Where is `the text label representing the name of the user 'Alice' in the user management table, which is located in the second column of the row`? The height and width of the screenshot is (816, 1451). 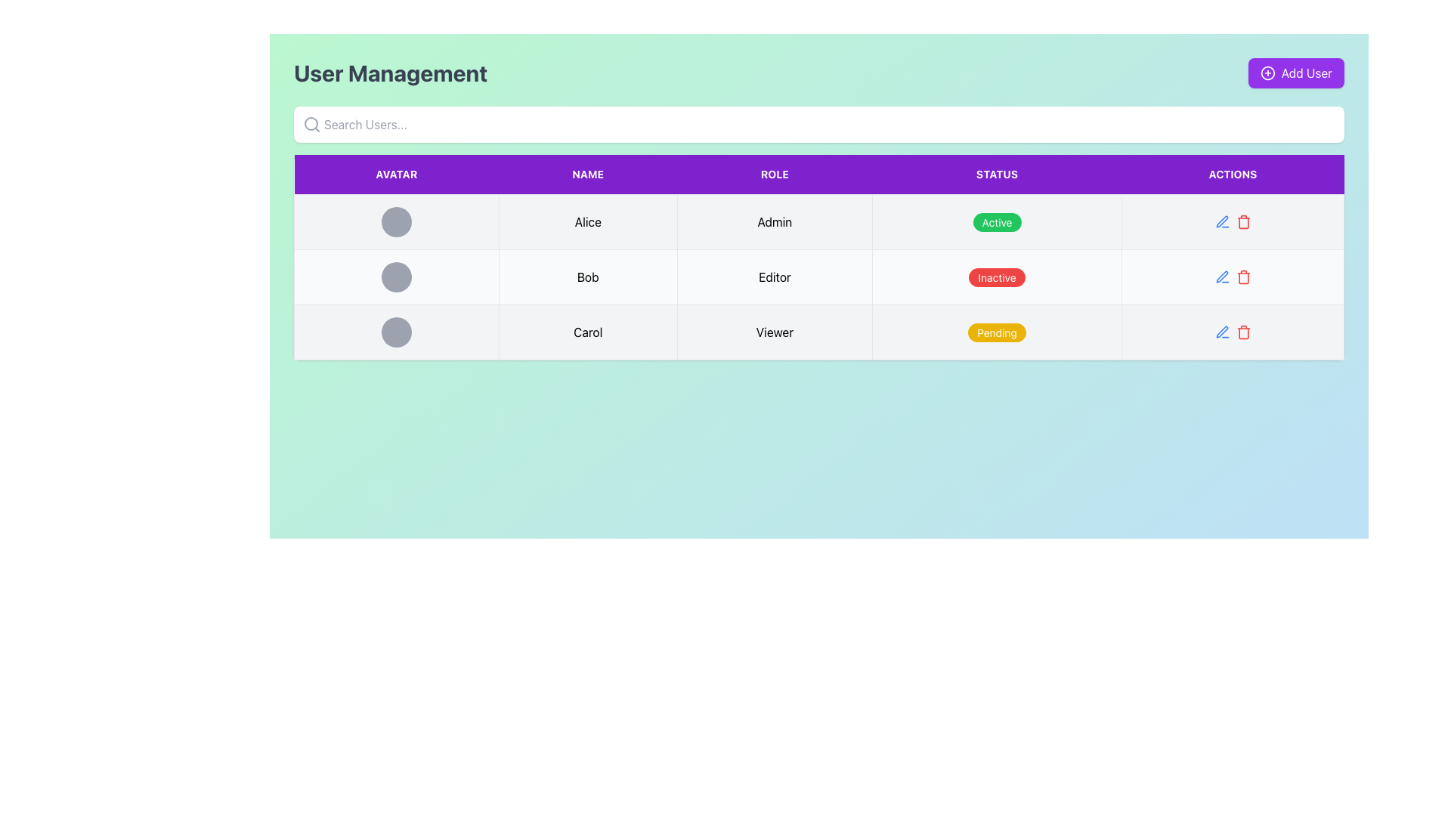
the text label representing the name of the user 'Alice' in the user management table, which is located in the second column of the row is located at coordinates (587, 221).